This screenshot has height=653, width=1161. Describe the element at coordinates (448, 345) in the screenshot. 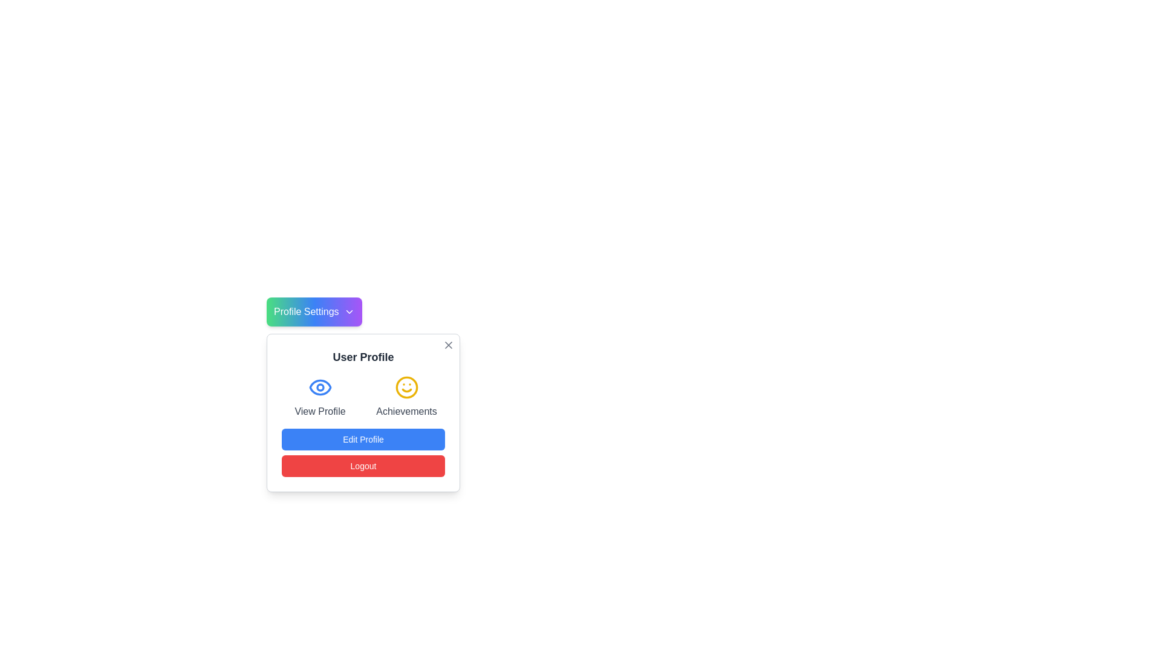

I see `the small diagonal 'X' icon, which is part of the close button in the top-right corner of the 'User Profile' modal` at that location.